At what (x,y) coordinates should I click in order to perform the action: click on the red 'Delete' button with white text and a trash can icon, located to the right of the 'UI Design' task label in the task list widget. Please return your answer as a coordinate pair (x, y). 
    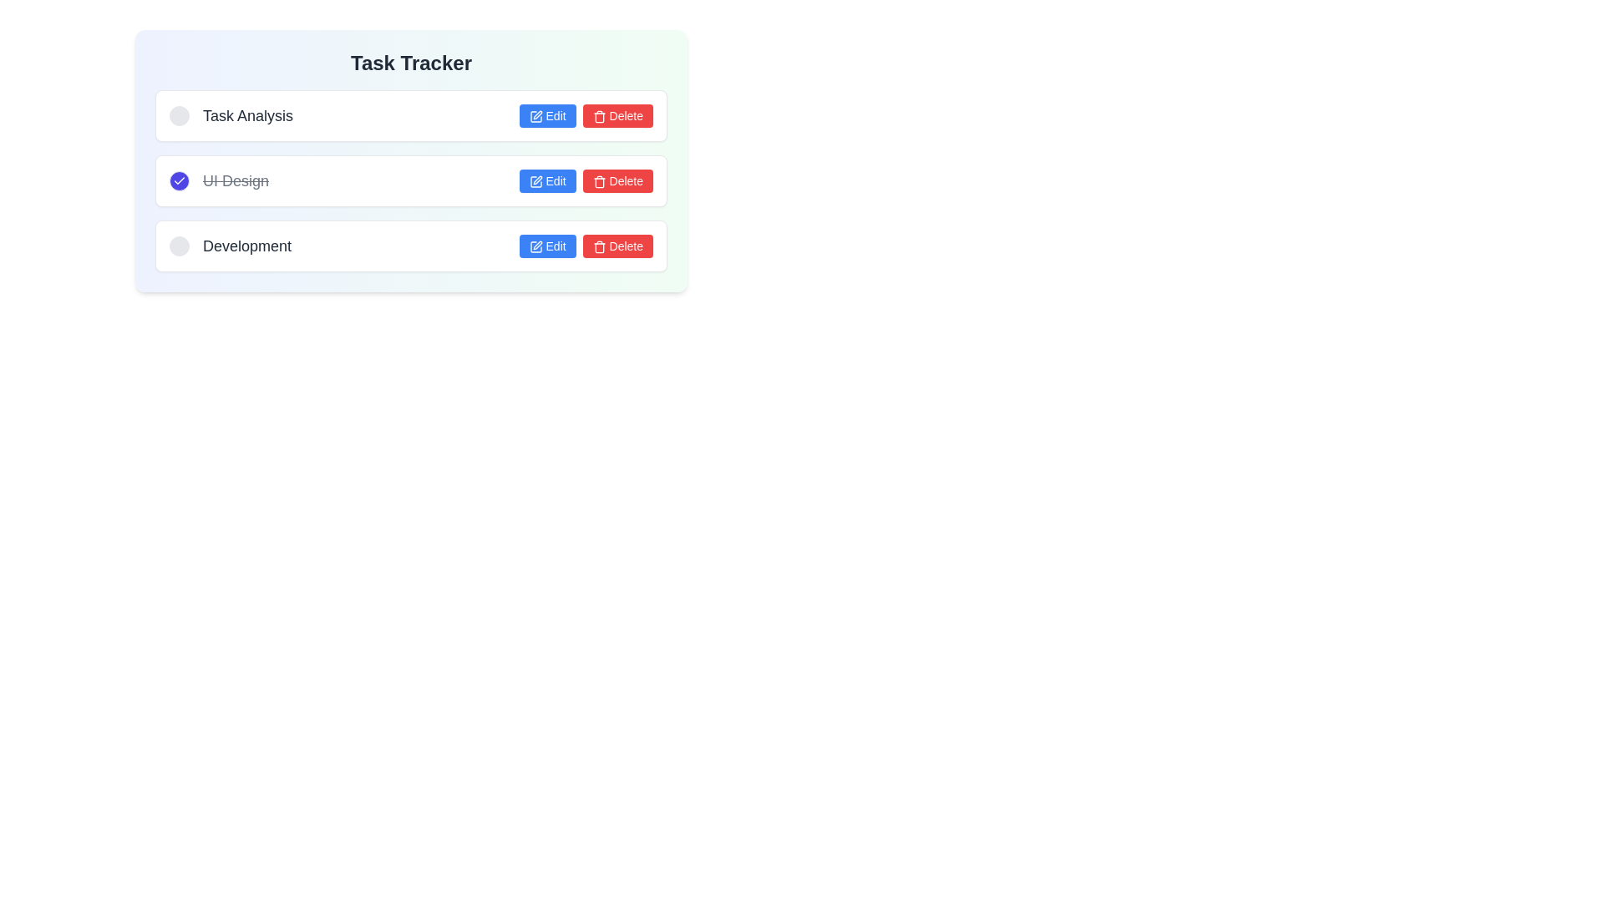
    Looking at the image, I should click on (617, 180).